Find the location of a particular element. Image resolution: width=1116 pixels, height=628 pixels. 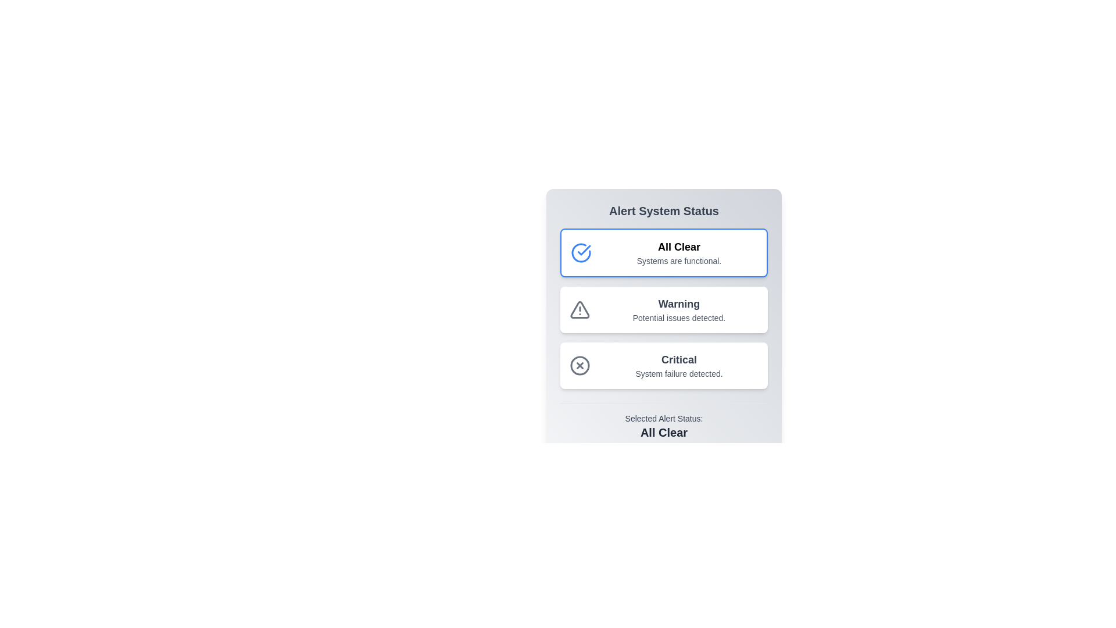

critical status text label indicating the system's critical condition, which is located at the top of the 'Critical' alert indicator area is located at coordinates (679, 359).